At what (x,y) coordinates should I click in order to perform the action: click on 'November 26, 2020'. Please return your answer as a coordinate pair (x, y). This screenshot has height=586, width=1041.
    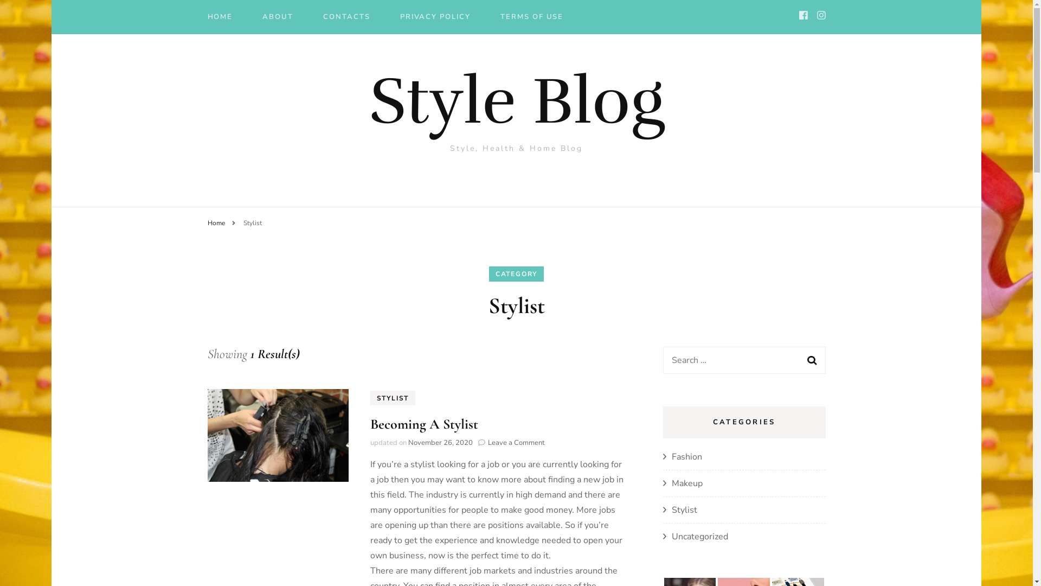
    Looking at the image, I should click on (440, 443).